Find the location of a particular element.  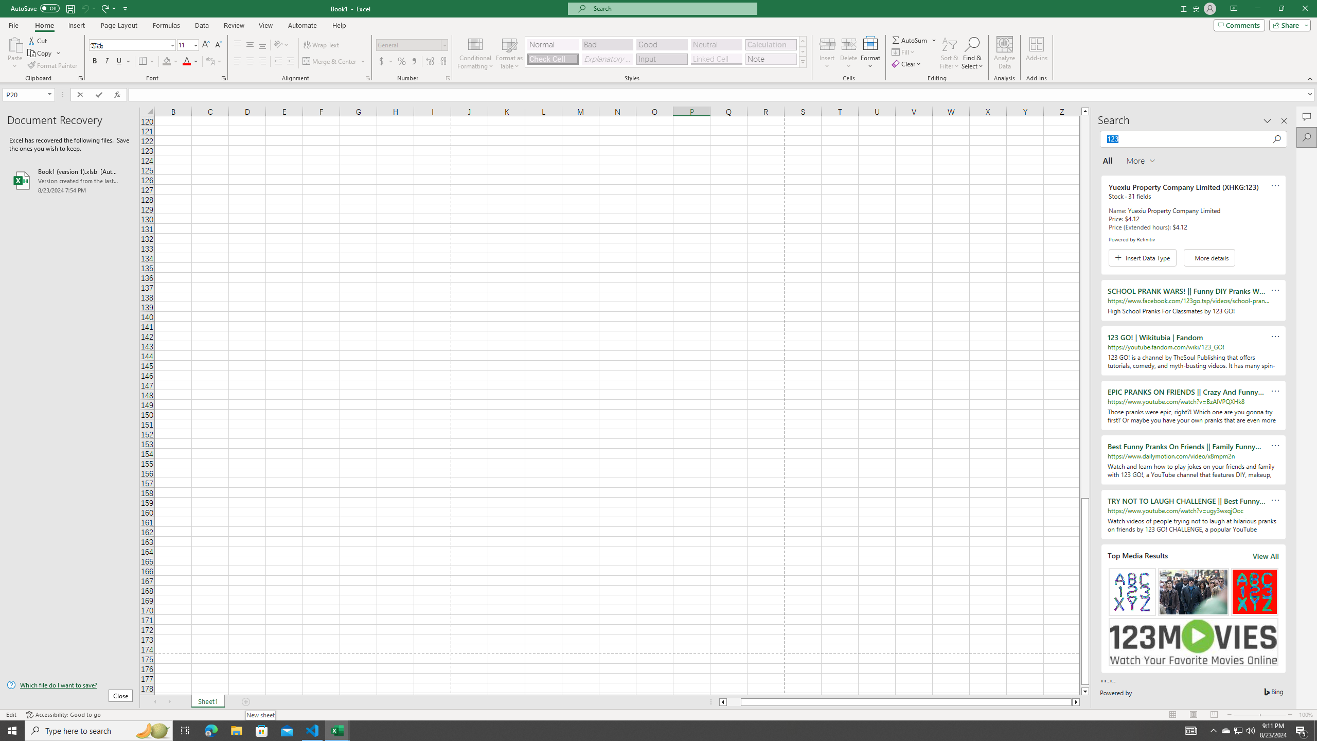

'Percent Style' is located at coordinates (401, 61).